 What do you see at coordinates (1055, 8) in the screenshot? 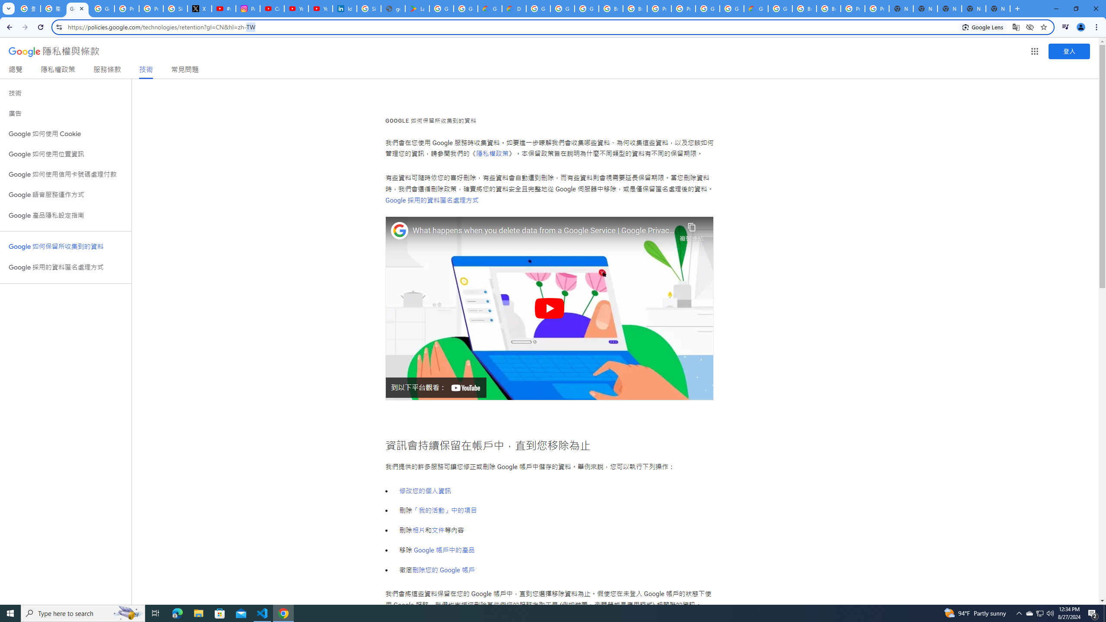
I see `'Minimize'` at bounding box center [1055, 8].